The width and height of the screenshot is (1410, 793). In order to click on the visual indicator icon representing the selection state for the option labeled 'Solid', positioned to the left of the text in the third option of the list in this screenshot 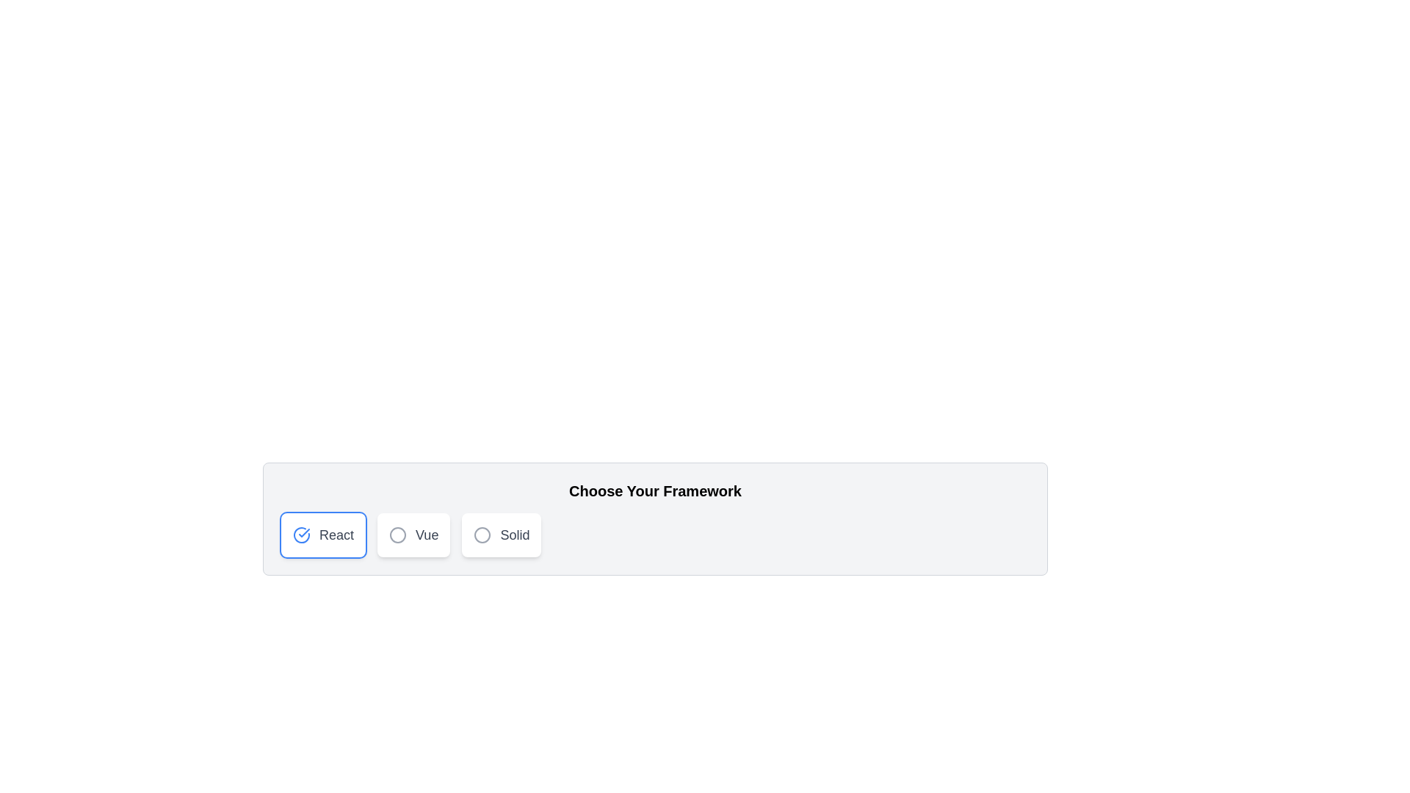, I will do `click(482, 535)`.